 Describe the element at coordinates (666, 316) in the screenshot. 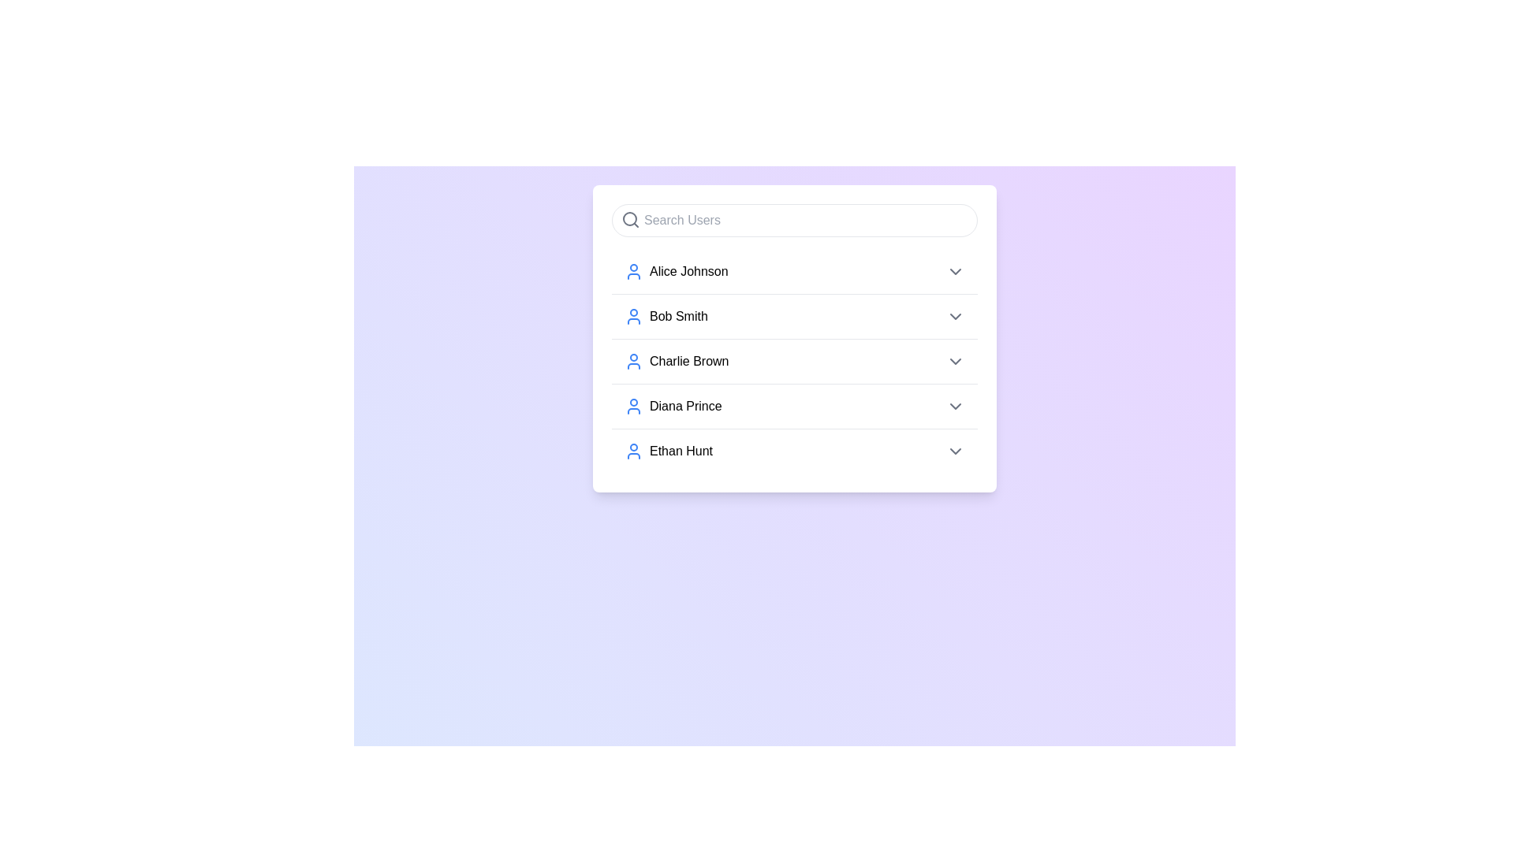

I see `the list item with the text 'Bob Smith' and a user icon` at that location.